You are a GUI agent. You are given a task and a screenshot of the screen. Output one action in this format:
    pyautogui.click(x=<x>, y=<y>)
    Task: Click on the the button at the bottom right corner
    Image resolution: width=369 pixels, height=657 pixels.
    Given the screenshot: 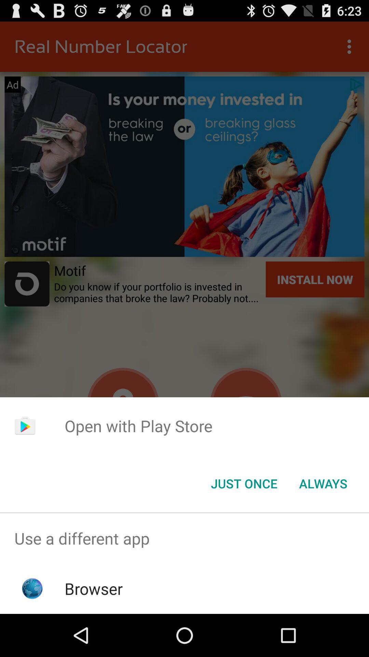 What is the action you would take?
    pyautogui.click(x=323, y=483)
    